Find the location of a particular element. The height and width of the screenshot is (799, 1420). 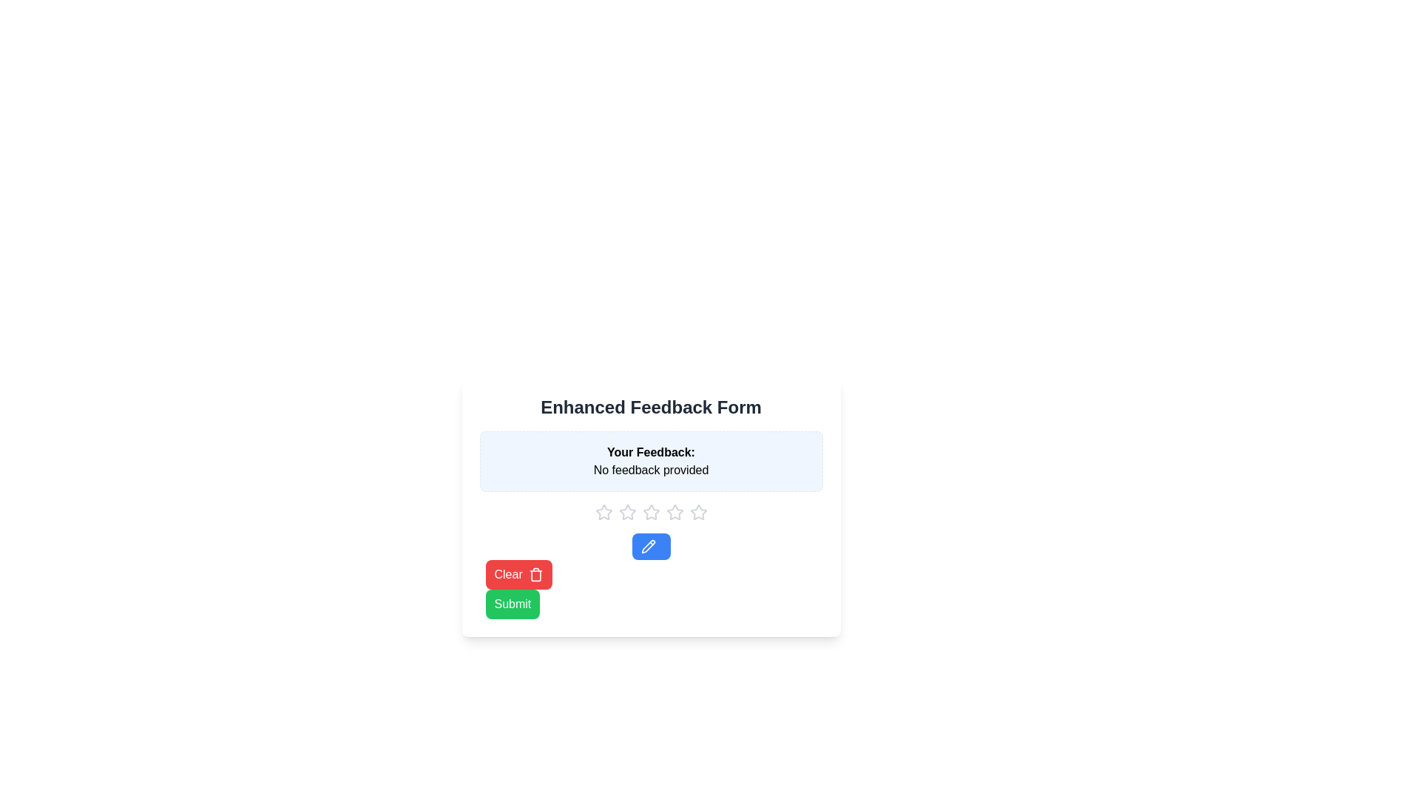

the 'Clear' button, which is the first button in a group near the bottom left of the form is located at coordinates (518, 573).